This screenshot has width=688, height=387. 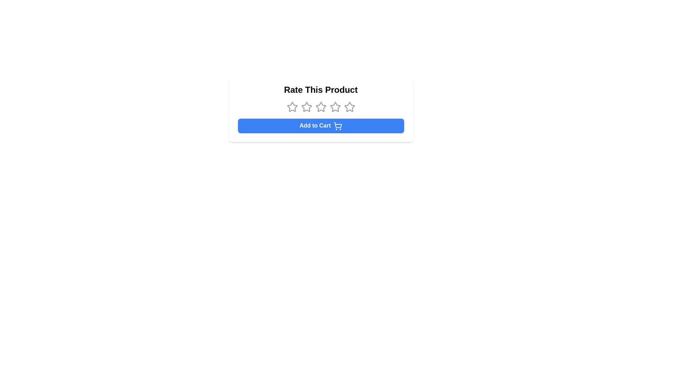 What do you see at coordinates (320, 107) in the screenshot?
I see `the third star in the rating system, which is located beneath the 'Rate This Product' text and above the 'Add to Cart' button` at bounding box center [320, 107].